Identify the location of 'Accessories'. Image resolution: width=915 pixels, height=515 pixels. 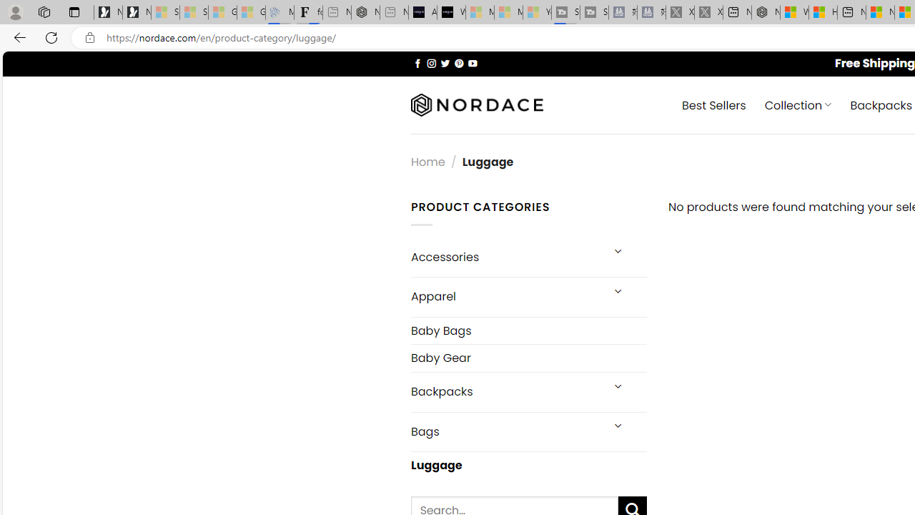
(505, 256).